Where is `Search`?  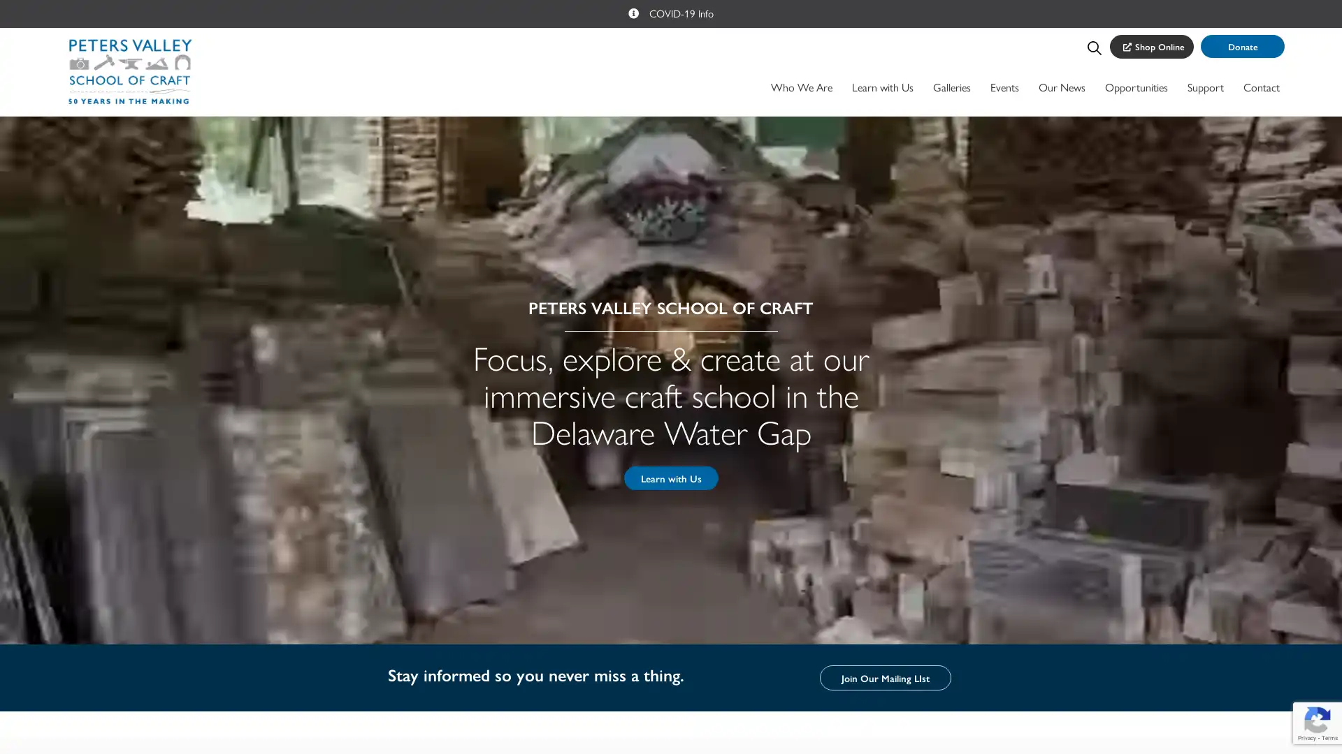 Search is located at coordinates (1106, 28).